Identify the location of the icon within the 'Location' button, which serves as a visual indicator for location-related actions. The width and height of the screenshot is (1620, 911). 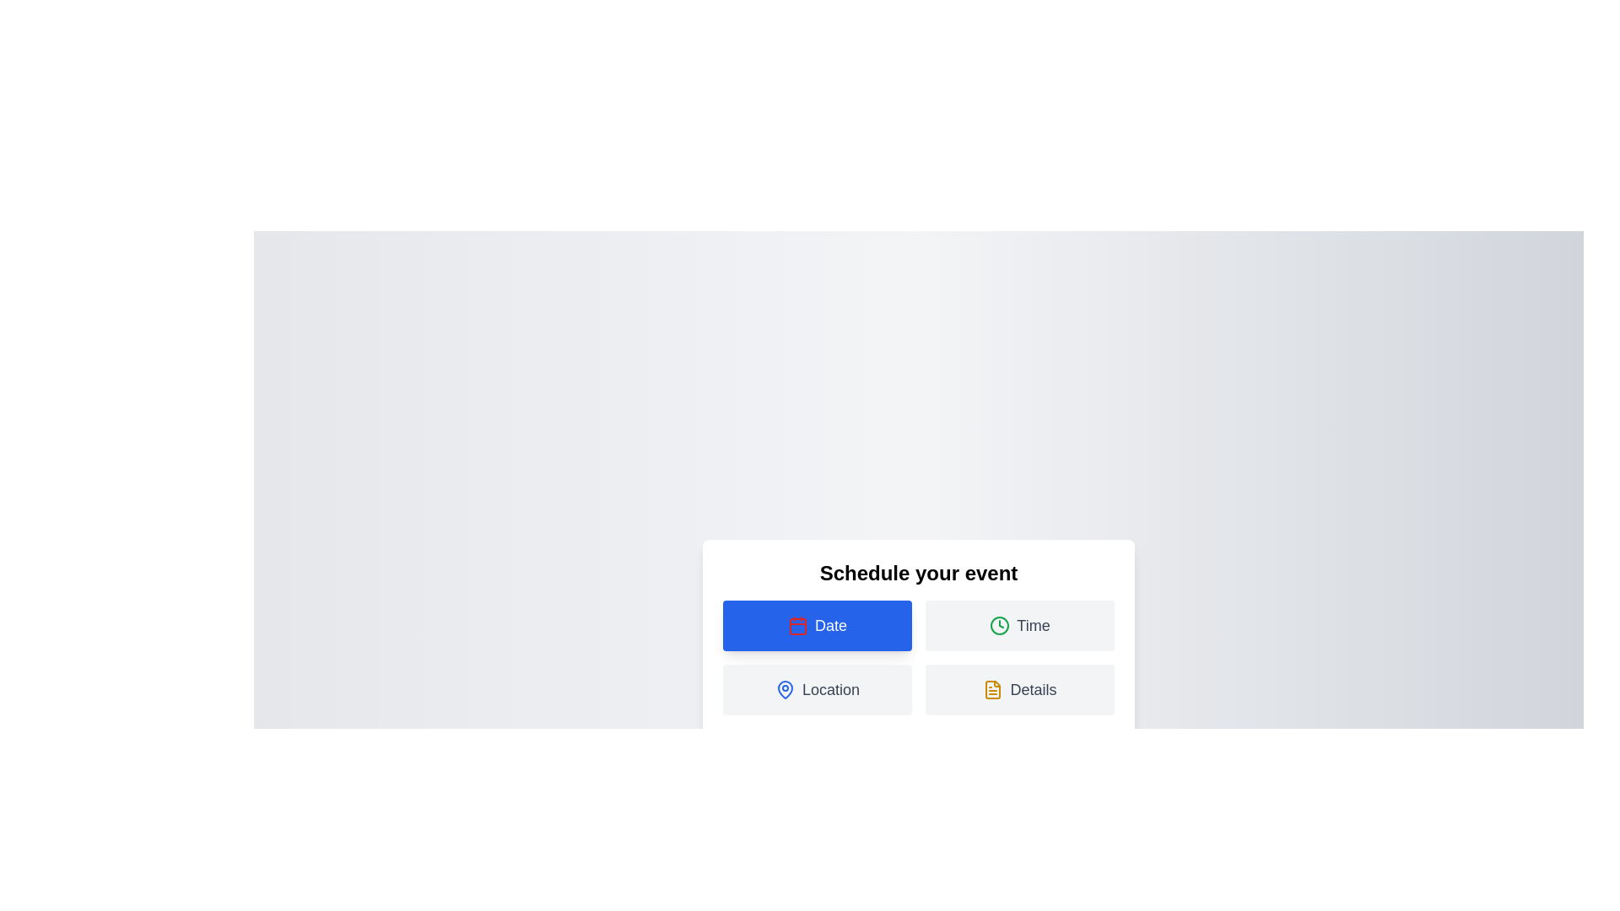
(785, 689).